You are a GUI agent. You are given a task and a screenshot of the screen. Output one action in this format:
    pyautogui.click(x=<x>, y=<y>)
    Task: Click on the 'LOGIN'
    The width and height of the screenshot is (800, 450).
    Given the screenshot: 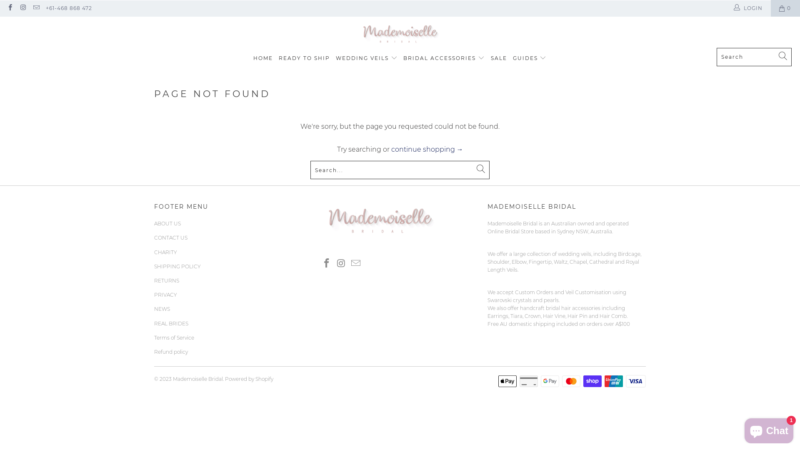 What is the action you would take?
    pyautogui.click(x=748, y=8)
    